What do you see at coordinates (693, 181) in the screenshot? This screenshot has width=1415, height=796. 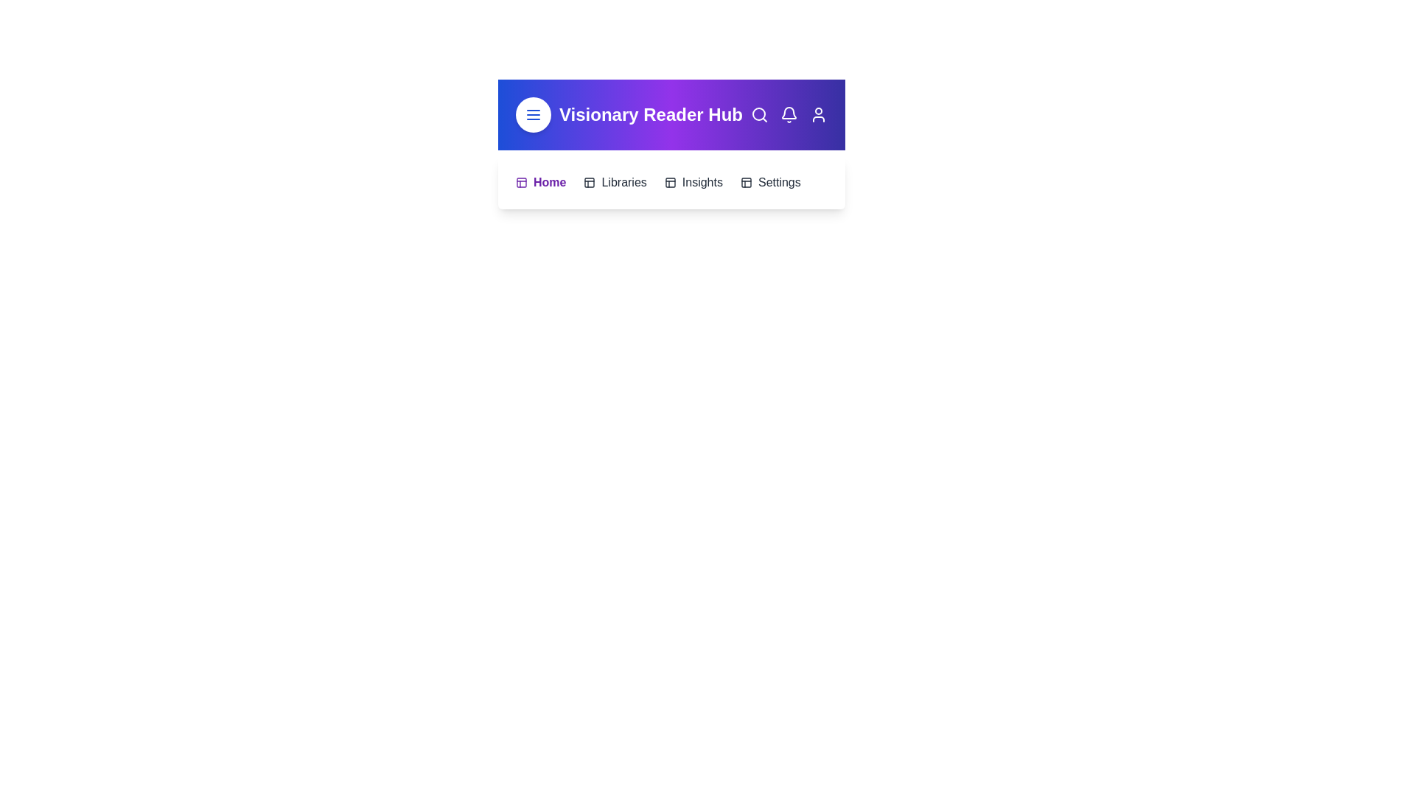 I see `the menu item Insights by clicking on it` at bounding box center [693, 181].